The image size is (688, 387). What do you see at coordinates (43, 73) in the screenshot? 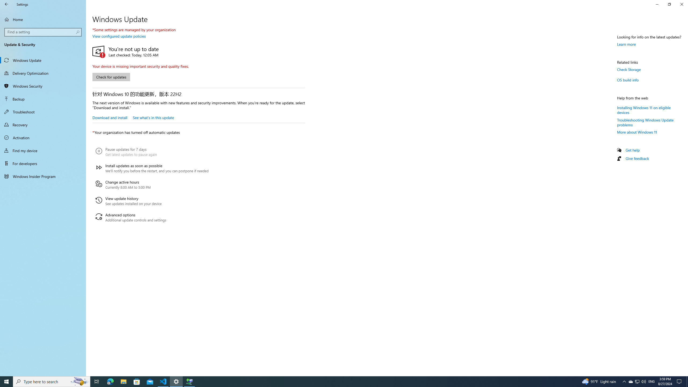
I see `'Delivery Optimization'` at bounding box center [43, 73].